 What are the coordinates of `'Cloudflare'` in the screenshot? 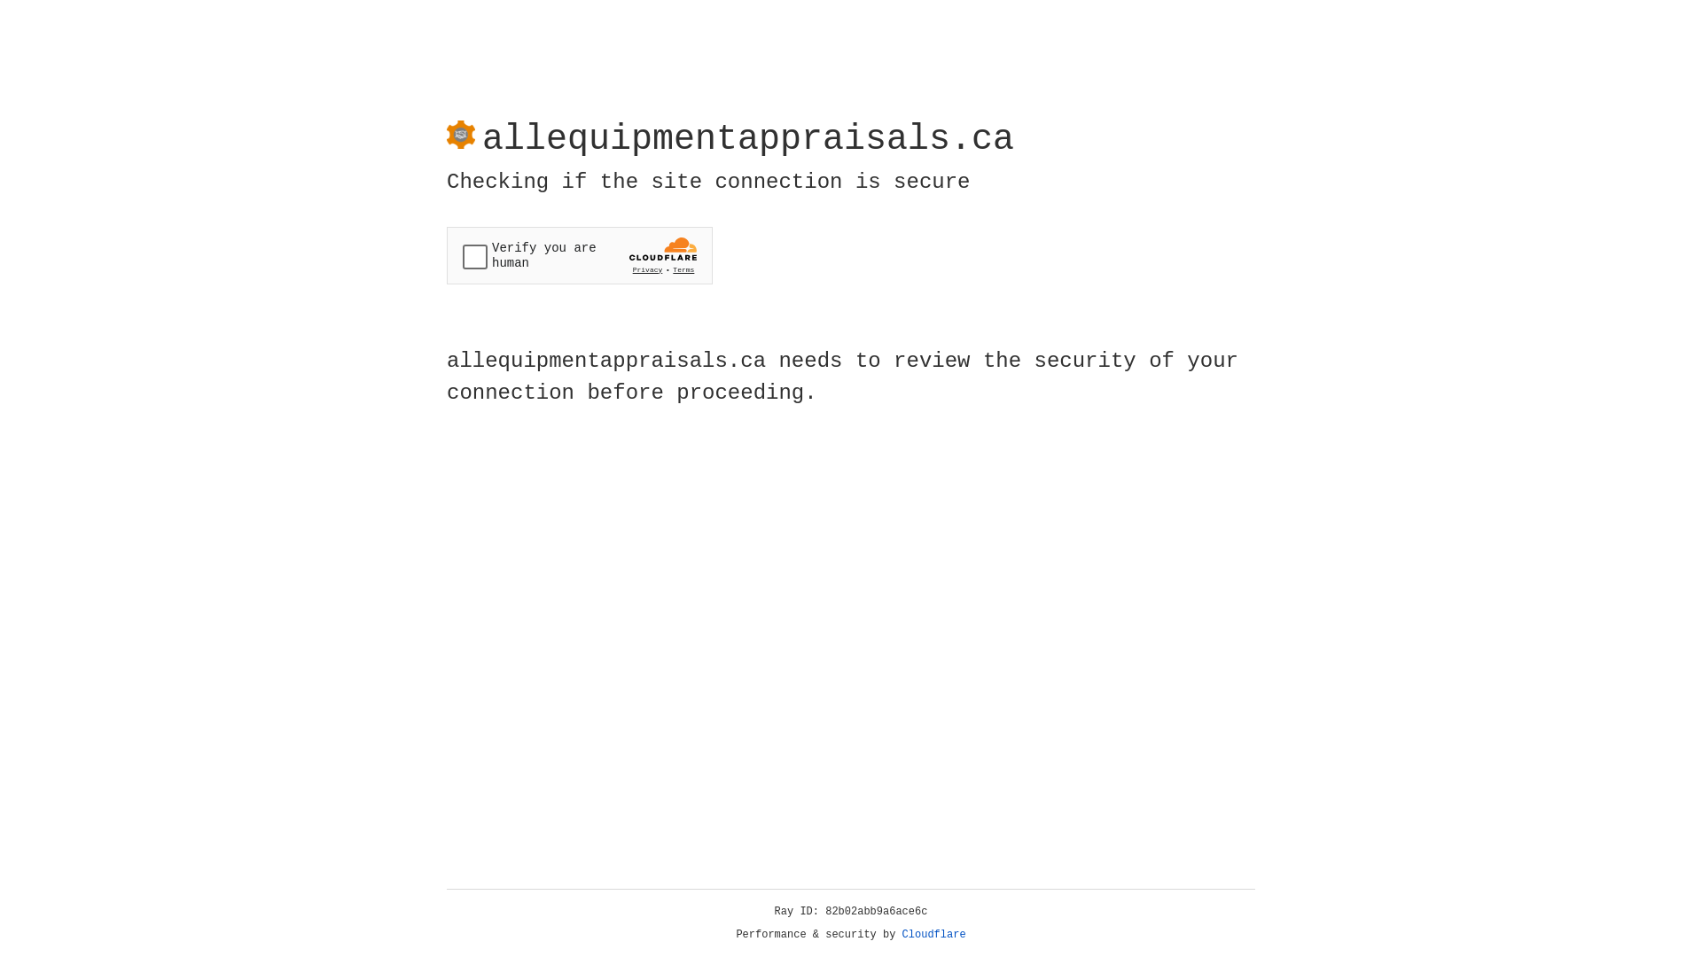 It's located at (933, 934).